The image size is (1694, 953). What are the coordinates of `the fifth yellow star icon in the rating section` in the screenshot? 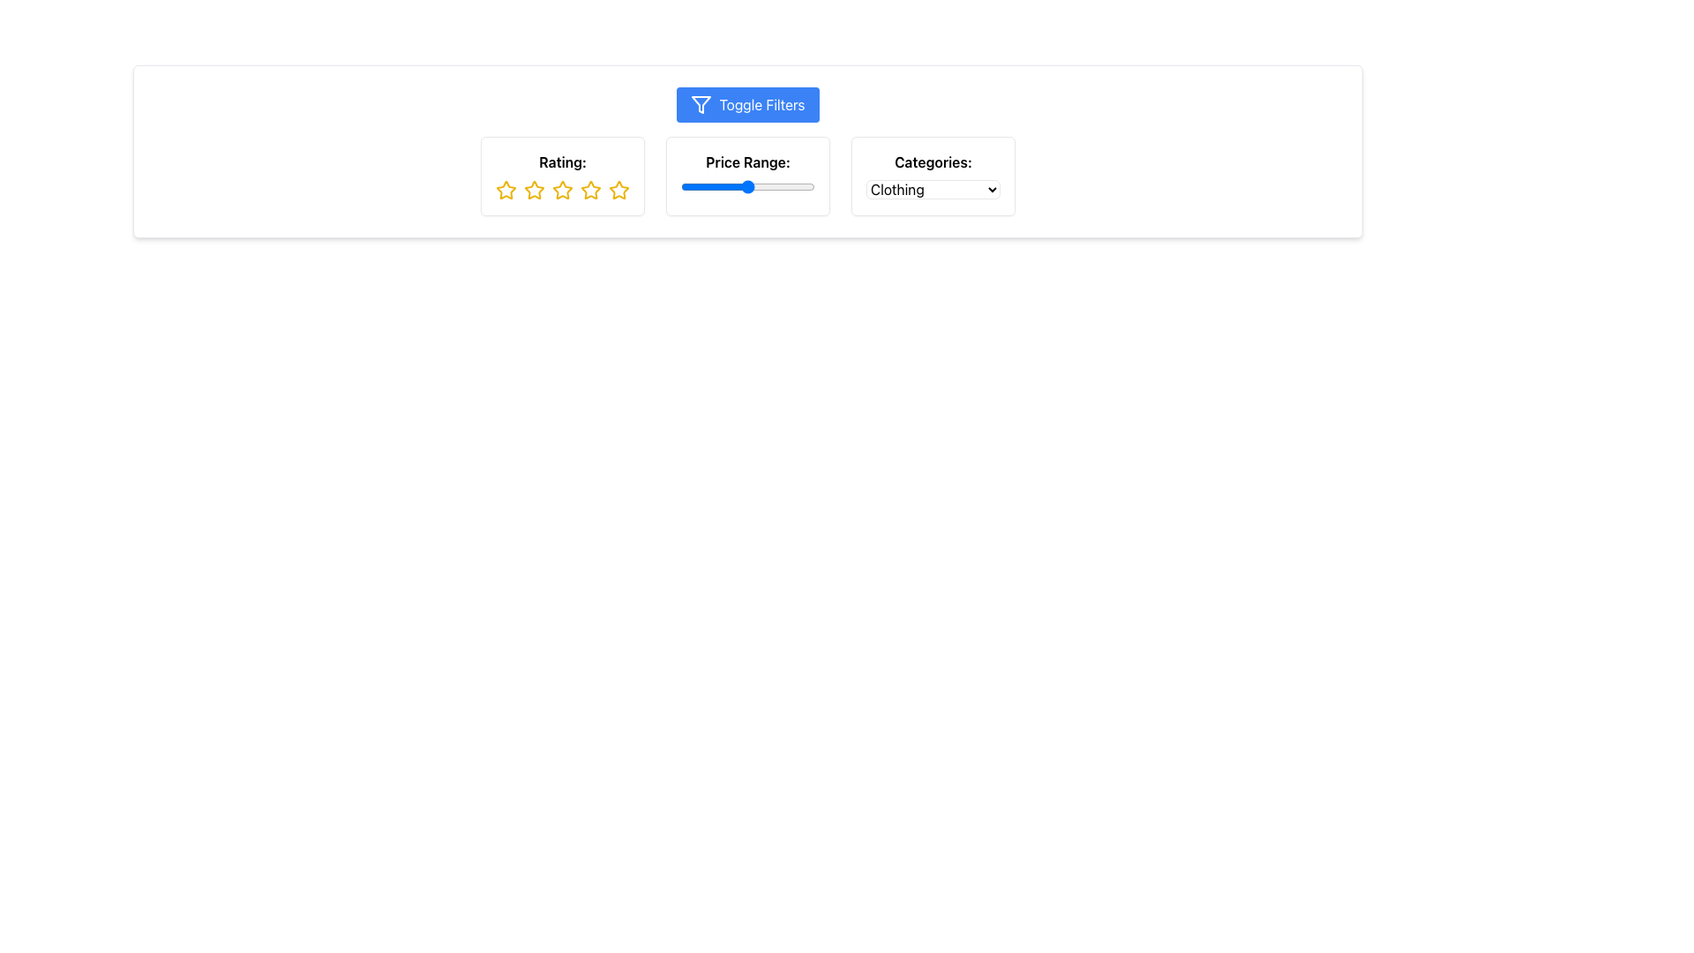 It's located at (618, 191).